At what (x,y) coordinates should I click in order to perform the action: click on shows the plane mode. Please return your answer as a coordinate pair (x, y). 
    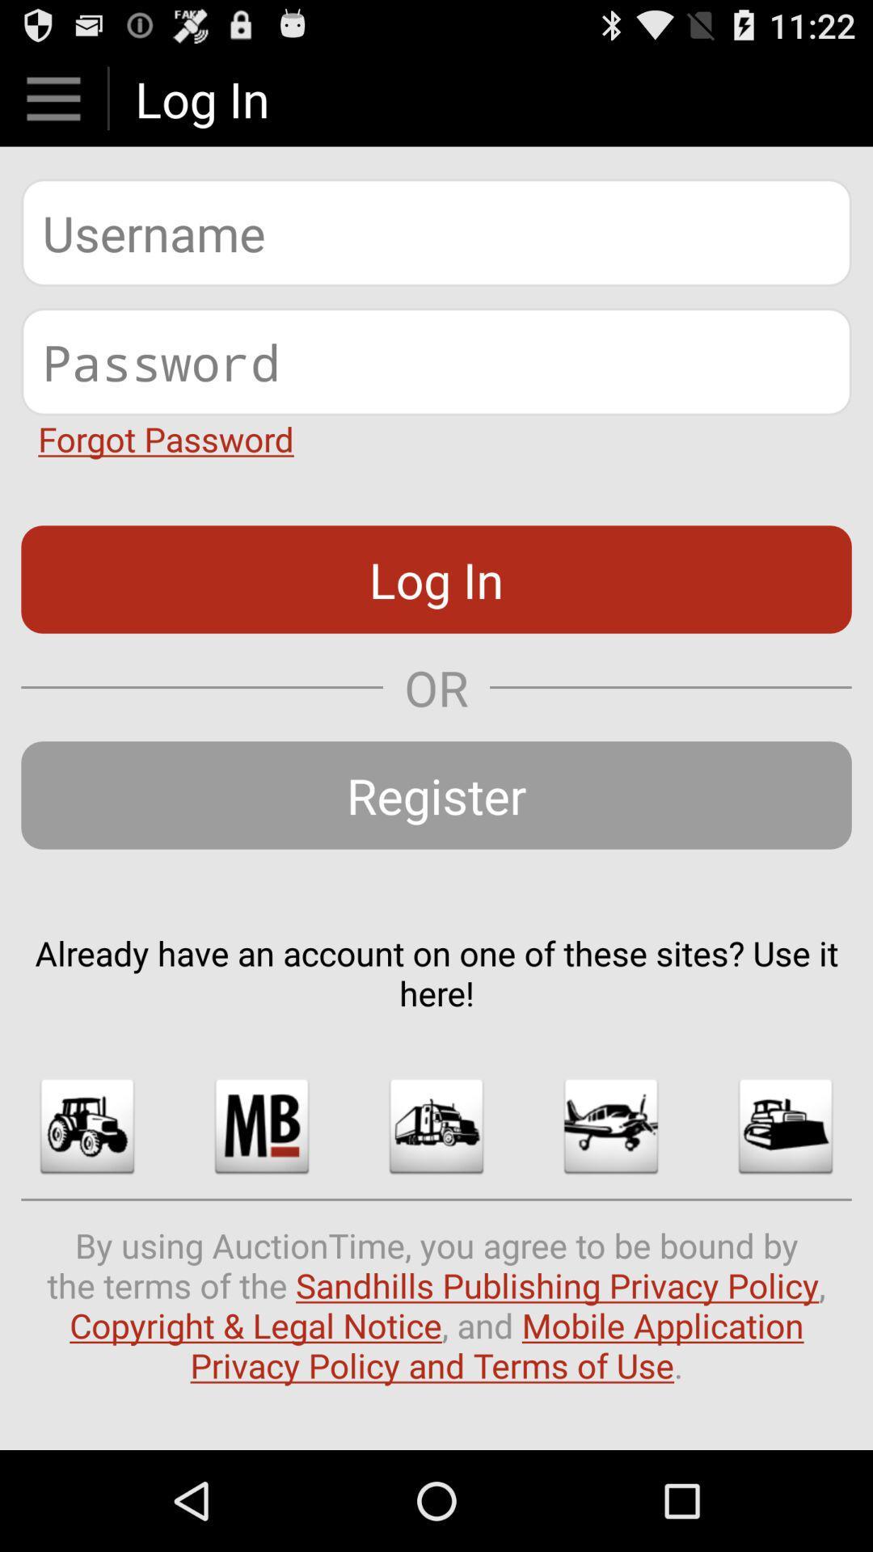
    Looking at the image, I should click on (611, 1125).